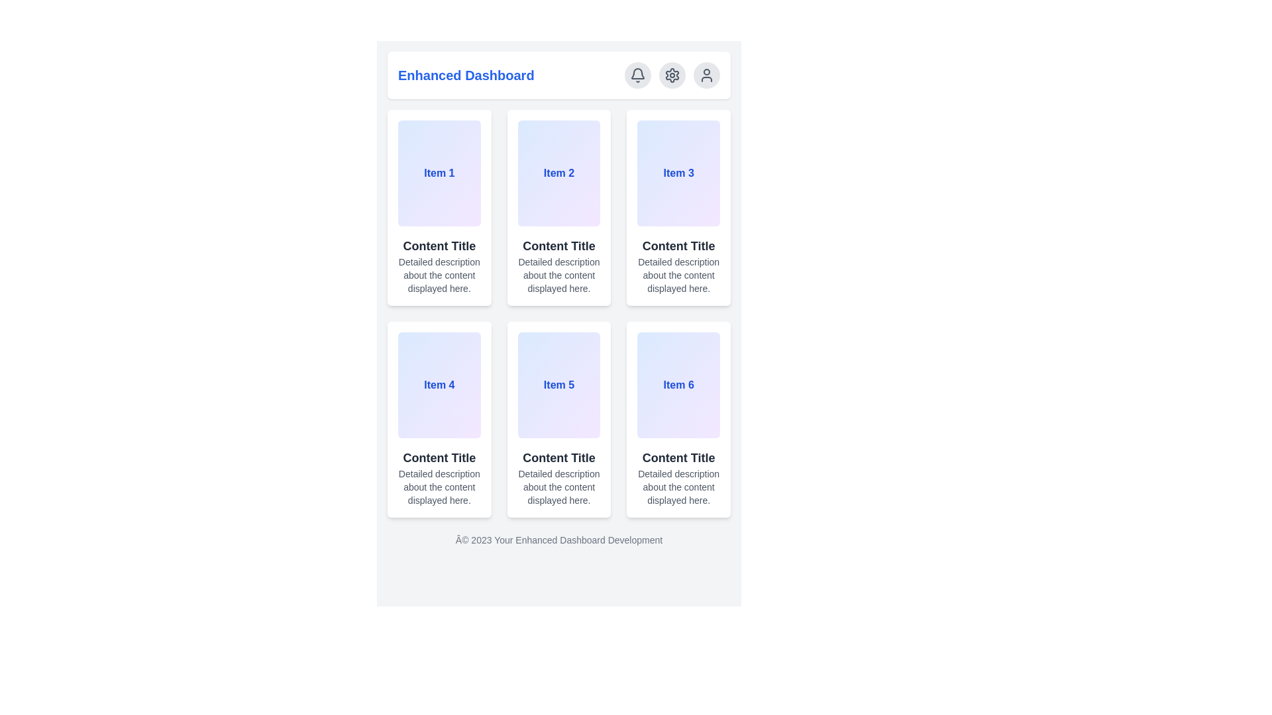 This screenshot has height=715, width=1272. I want to click on the text label that identifies the card as 'Item 4', located in the second row and first column of the grid, so click(439, 385).